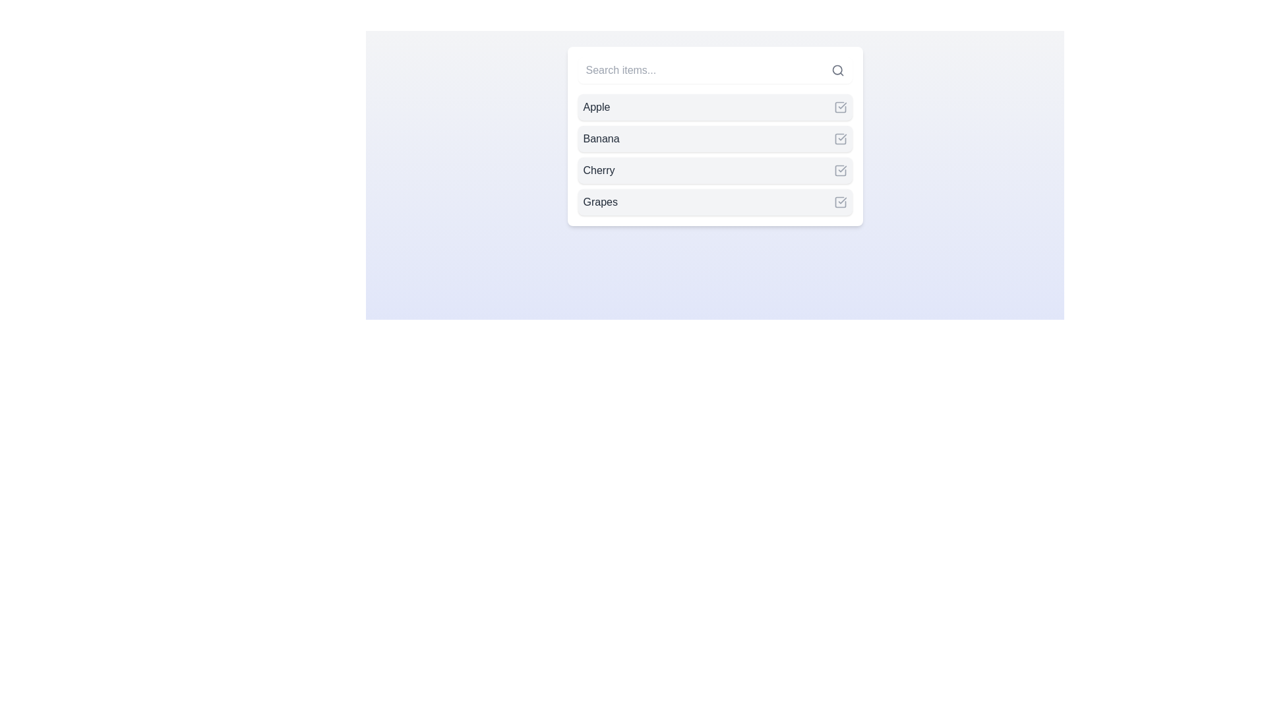 The height and width of the screenshot is (712, 1266). I want to click on the text label in the first row of the vertically aligned list, so click(595, 106).